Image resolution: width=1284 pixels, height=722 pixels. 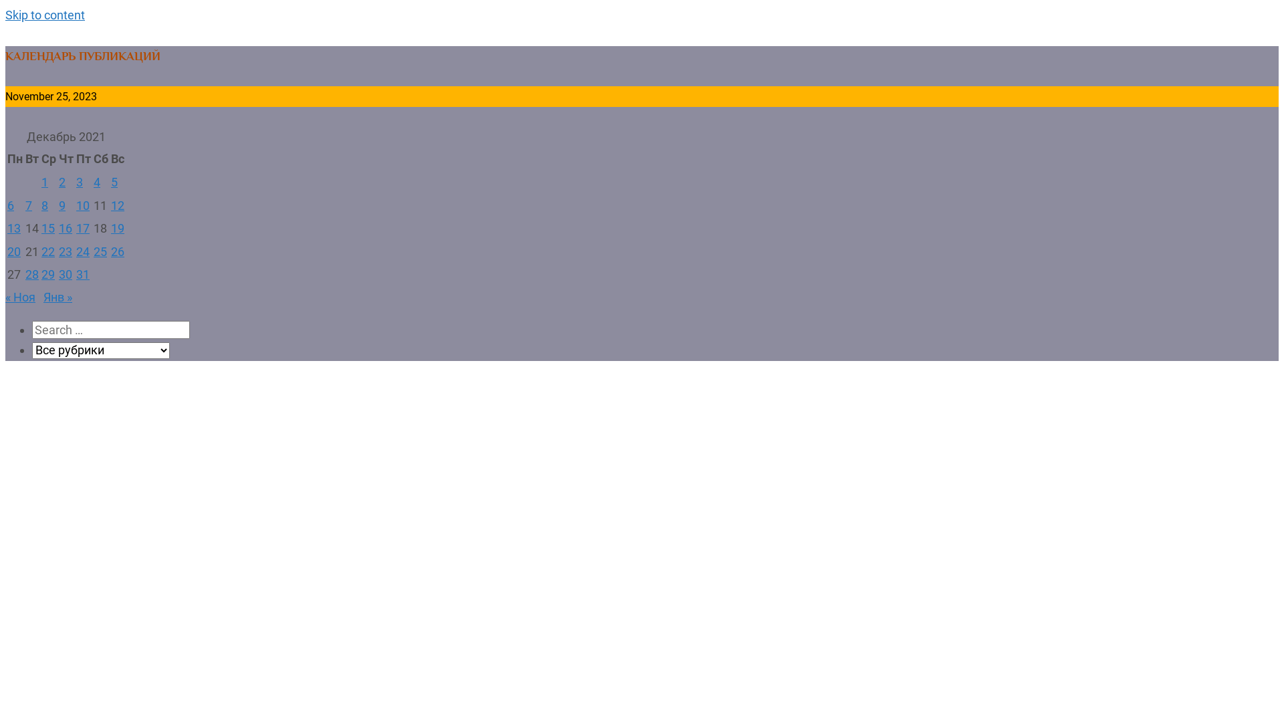 What do you see at coordinates (45, 182) in the screenshot?
I see `'1'` at bounding box center [45, 182].